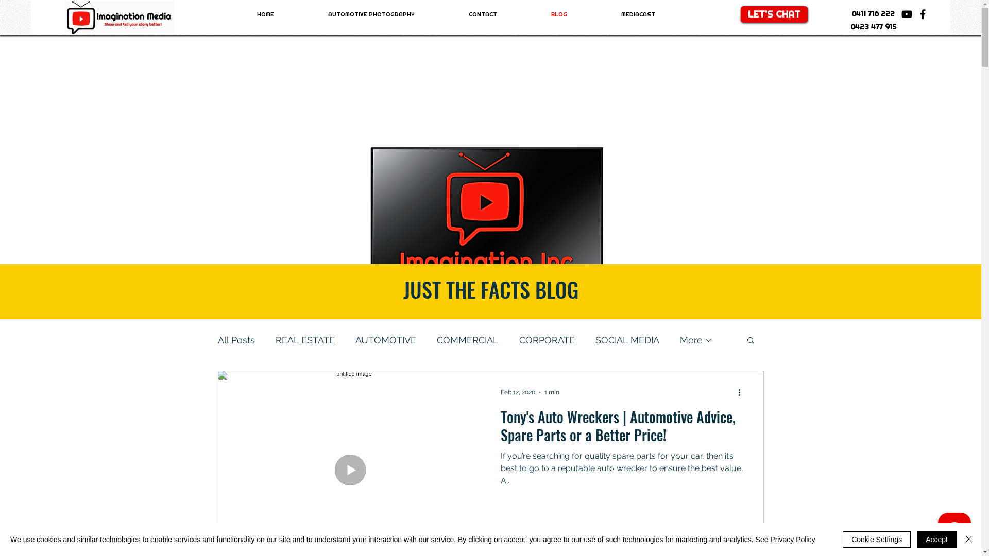 The width and height of the screenshot is (989, 556). I want to click on 'HOME', so click(229, 14).